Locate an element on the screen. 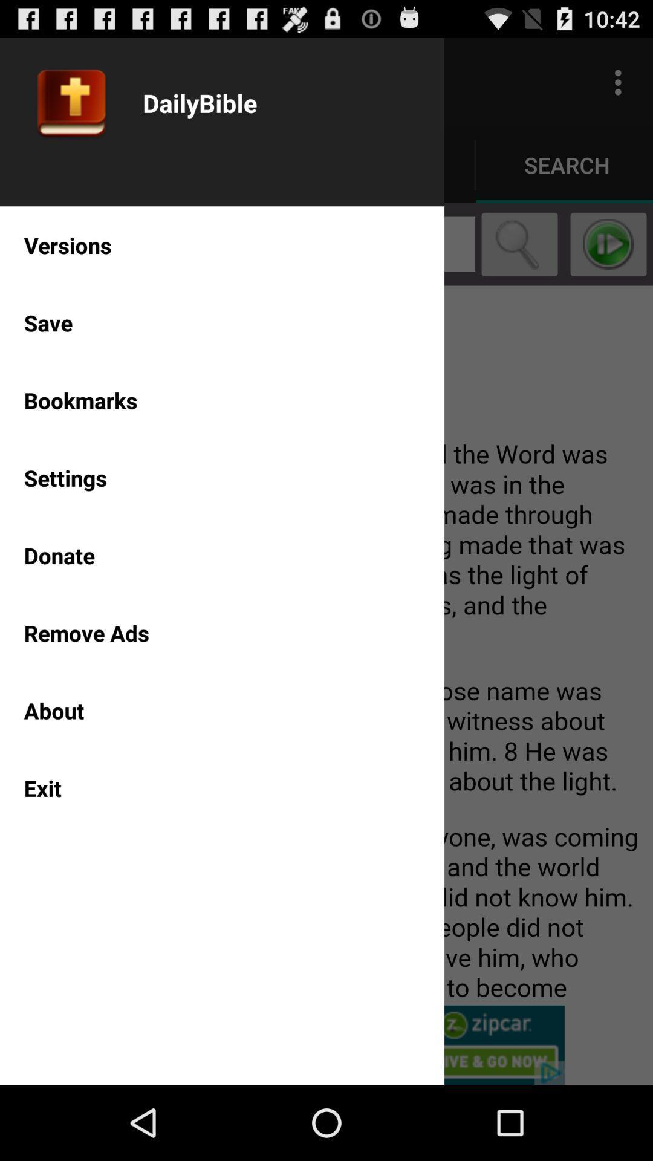 The width and height of the screenshot is (653, 1161). the search icon is located at coordinates (519, 261).